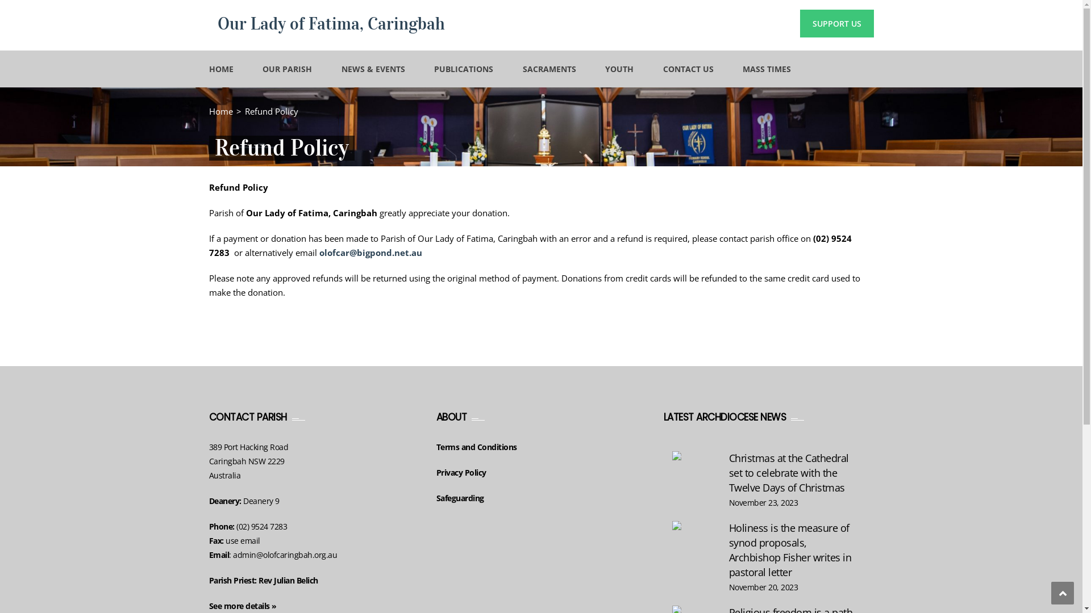 This screenshot has height=613, width=1091. I want to click on 'Safeguarding', so click(460, 497).